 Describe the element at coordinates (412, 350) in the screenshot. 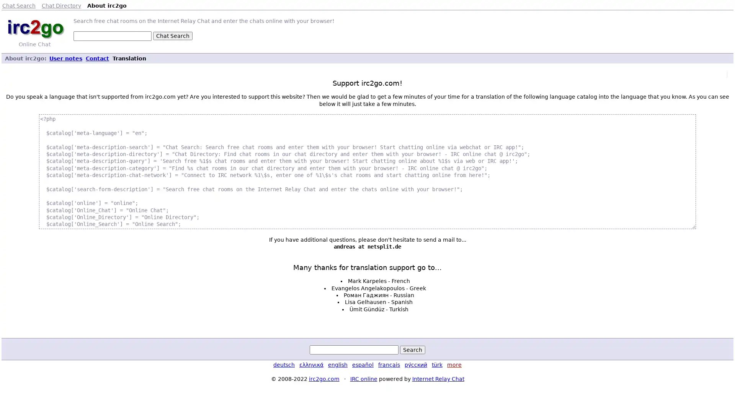

I see `Search` at that location.